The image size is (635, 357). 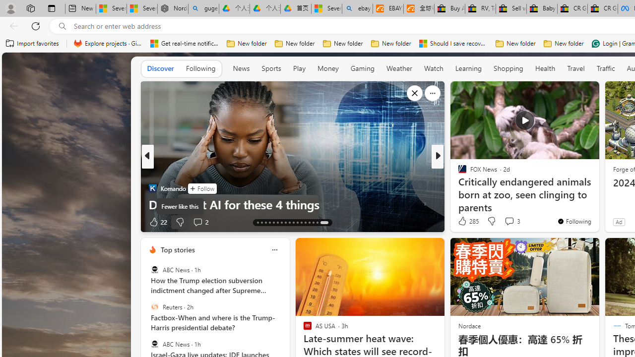 What do you see at coordinates (313, 222) in the screenshot?
I see `'AutomationID: tab-40'` at bounding box center [313, 222].